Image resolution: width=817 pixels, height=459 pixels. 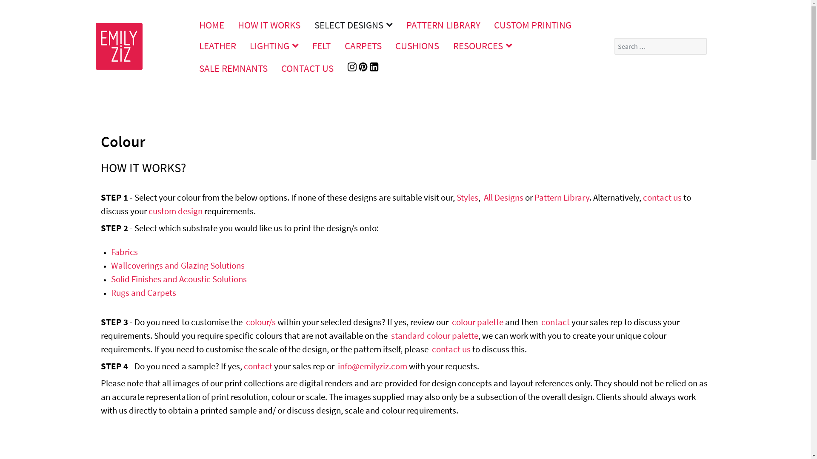 What do you see at coordinates (477, 322) in the screenshot?
I see `'colour palette'` at bounding box center [477, 322].